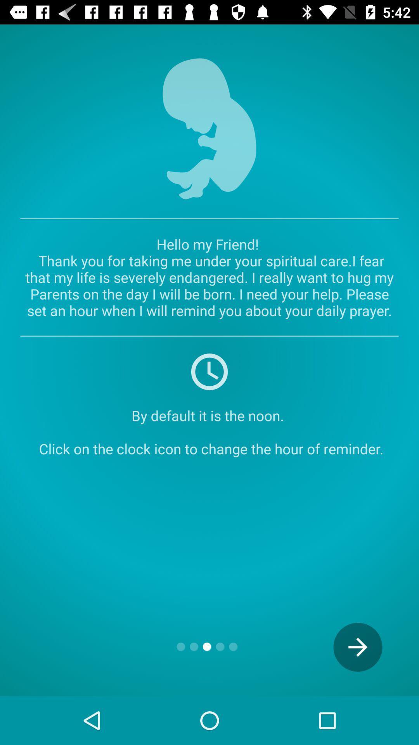 The image size is (419, 745). Describe the element at coordinates (209, 371) in the screenshot. I see `clock for time display` at that location.